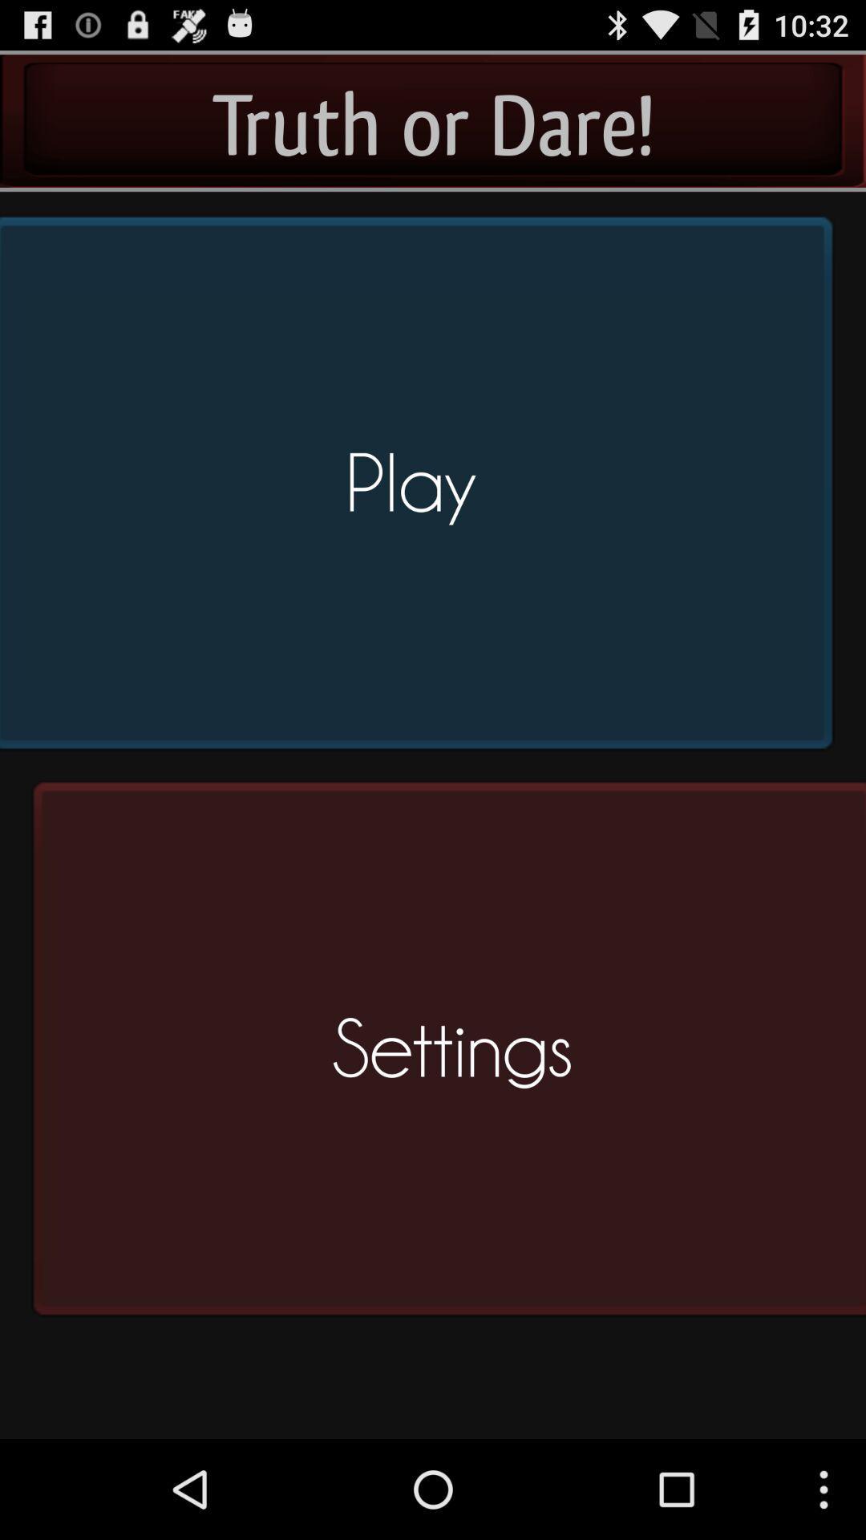  Describe the element at coordinates (421, 489) in the screenshot. I see `the icon above settings icon` at that location.